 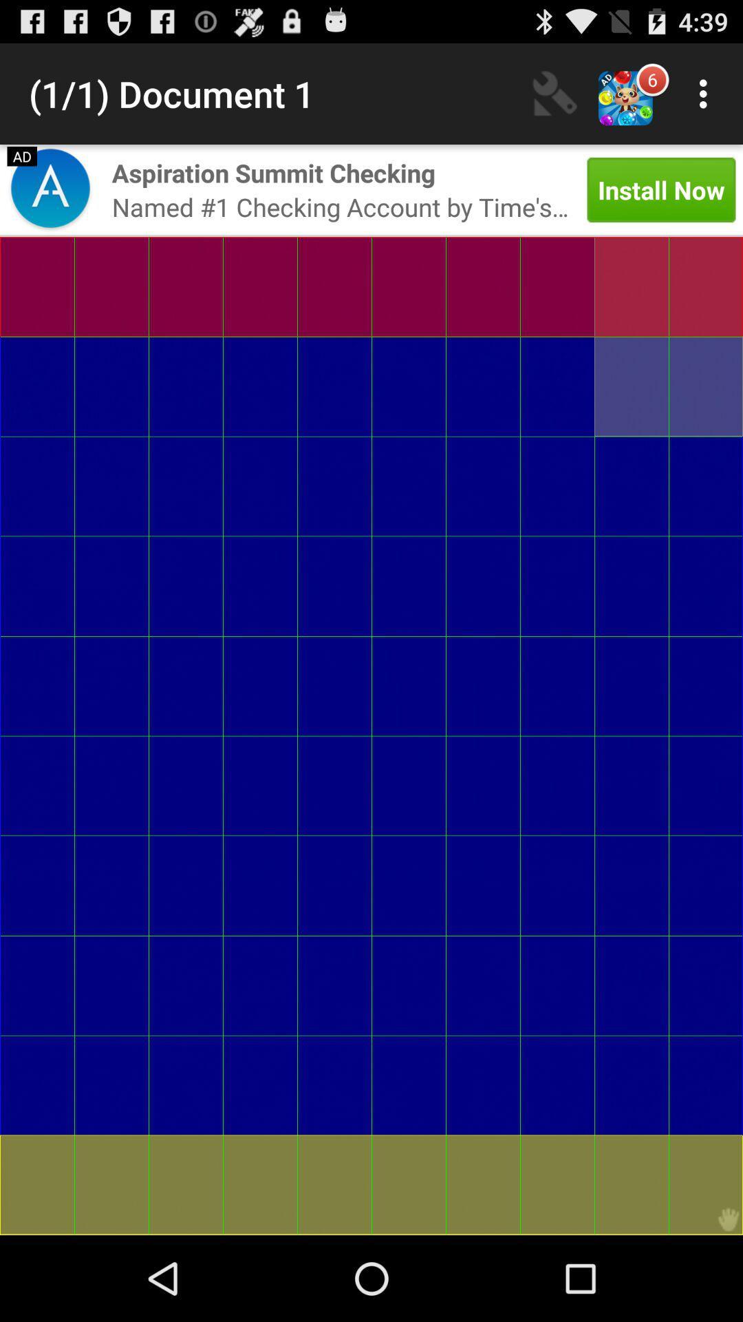 I want to click on item below the 1 1 document icon, so click(x=273, y=172).